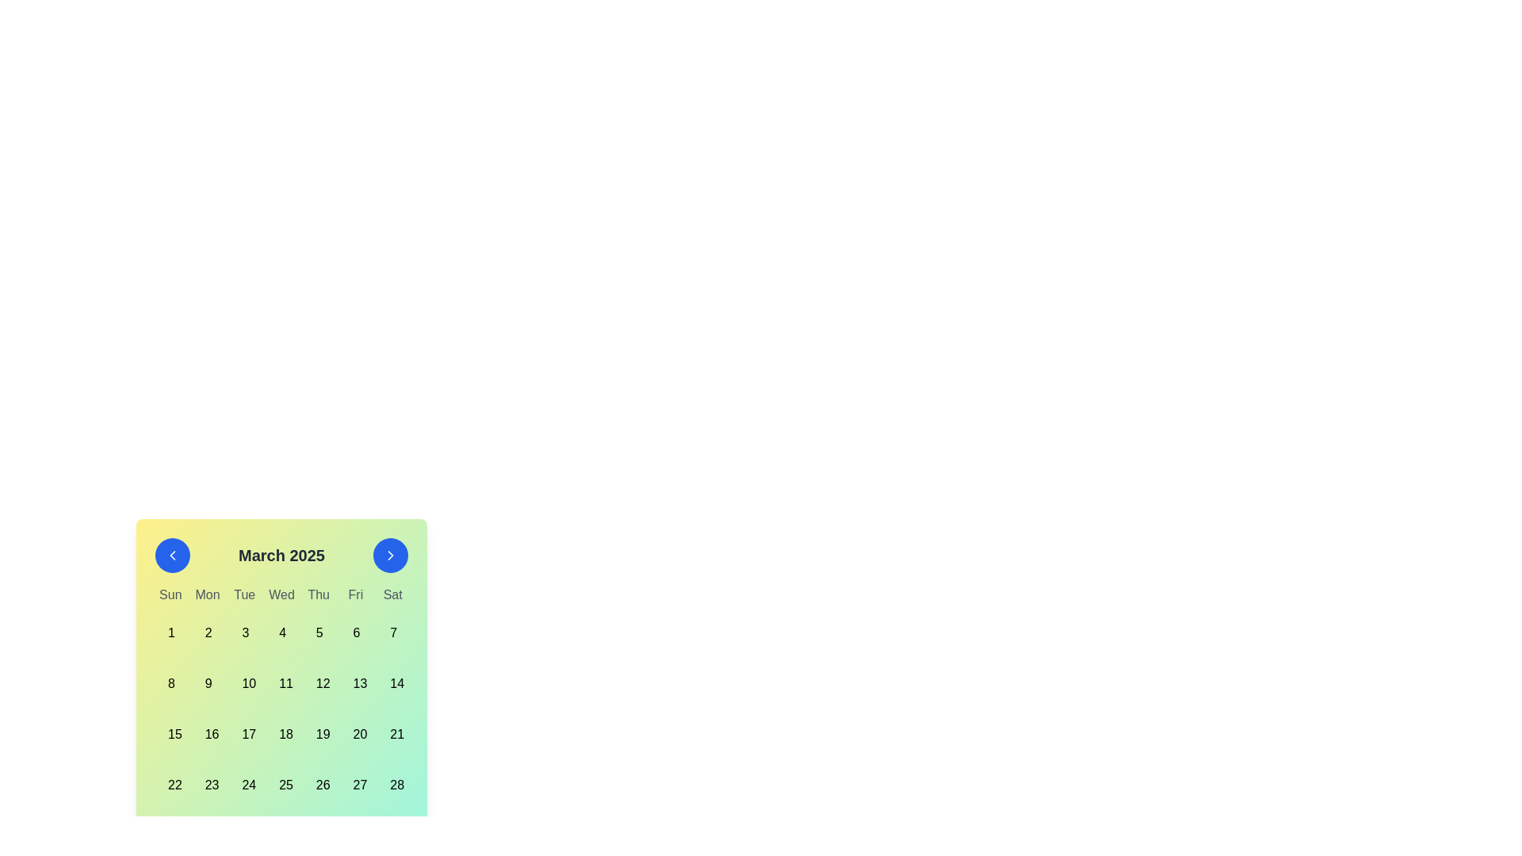  Describe the element at coordinates (243, 632) in the screenshot. I see `the calendar day cell button representing the third day of the month (Tuesday)` at that location.